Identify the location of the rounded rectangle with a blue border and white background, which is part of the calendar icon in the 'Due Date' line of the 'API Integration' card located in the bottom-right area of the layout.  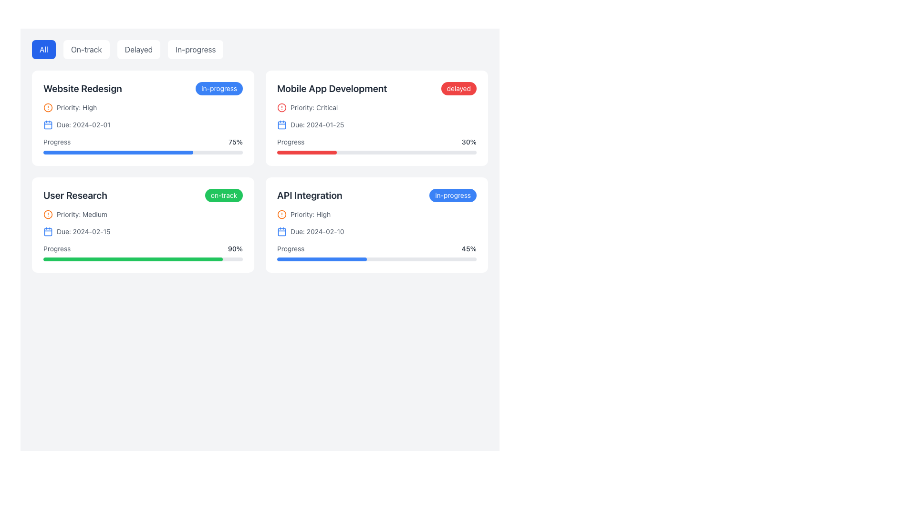
(281, 232).